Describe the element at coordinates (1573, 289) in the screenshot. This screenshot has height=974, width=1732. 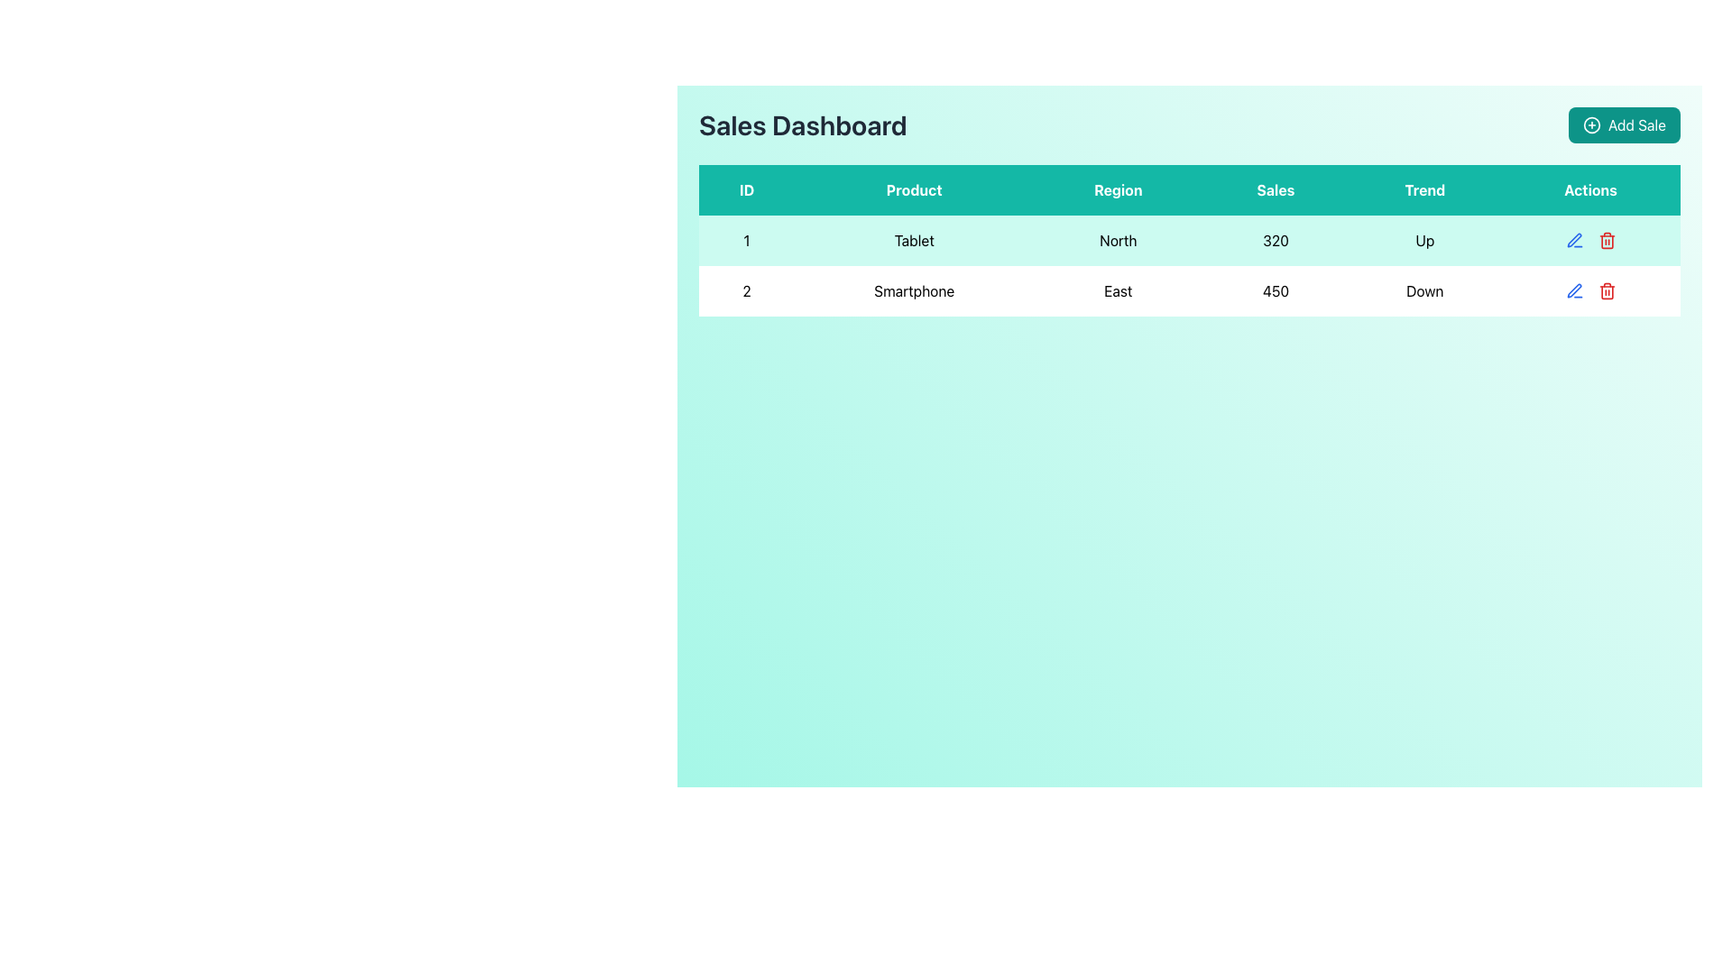
I see `the edit icon in the 'Actions' column of the table associated with the 'Smartphone' entry` at that location.